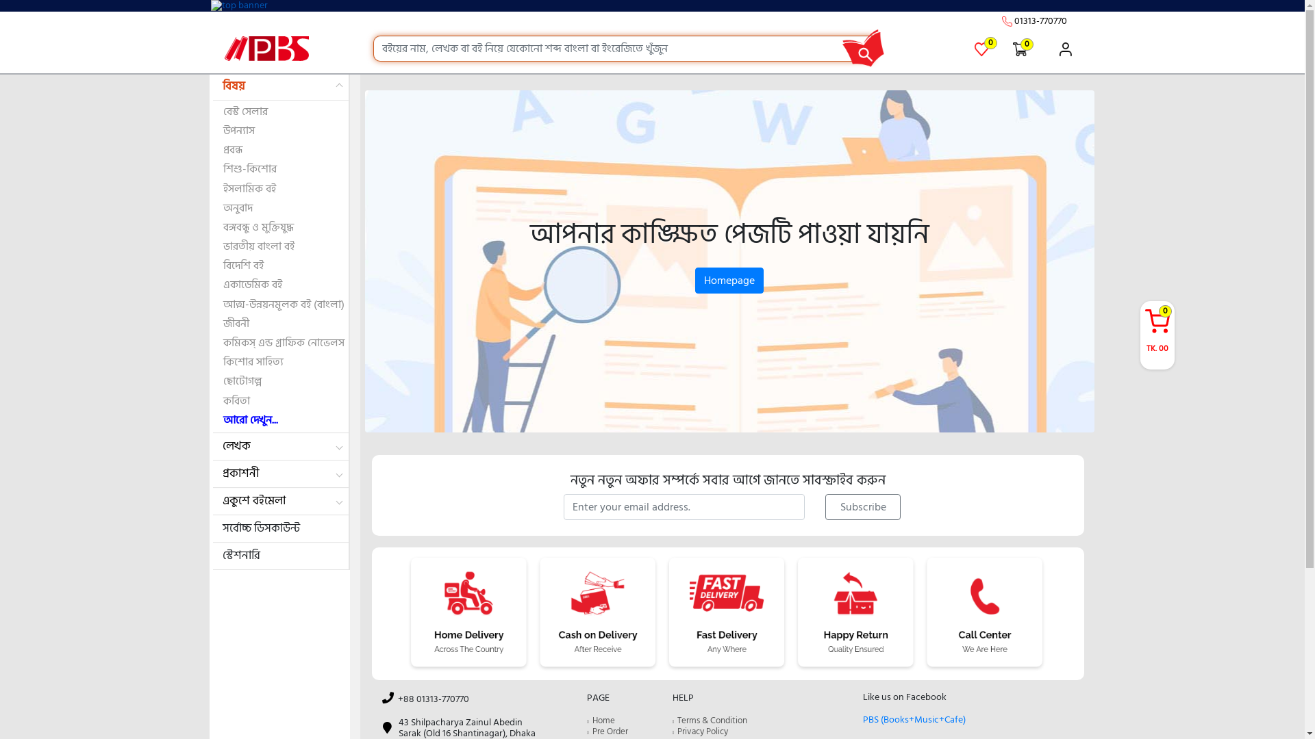 The height and width of the screenshot is (739, 1315). Describe the element at coordinates (862, 506) in the screenshot. I see `'Subscribe'` at that location.